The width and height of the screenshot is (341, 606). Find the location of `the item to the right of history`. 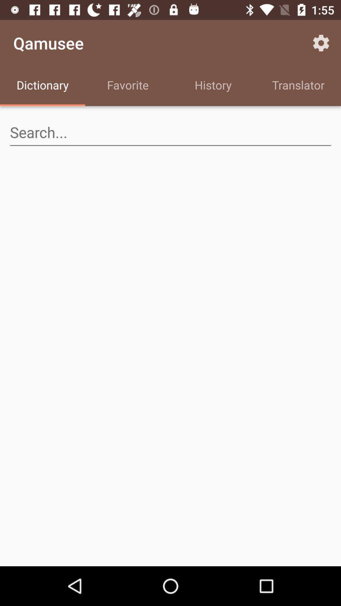

the item to the right of history is located at coordinates (321, 43).